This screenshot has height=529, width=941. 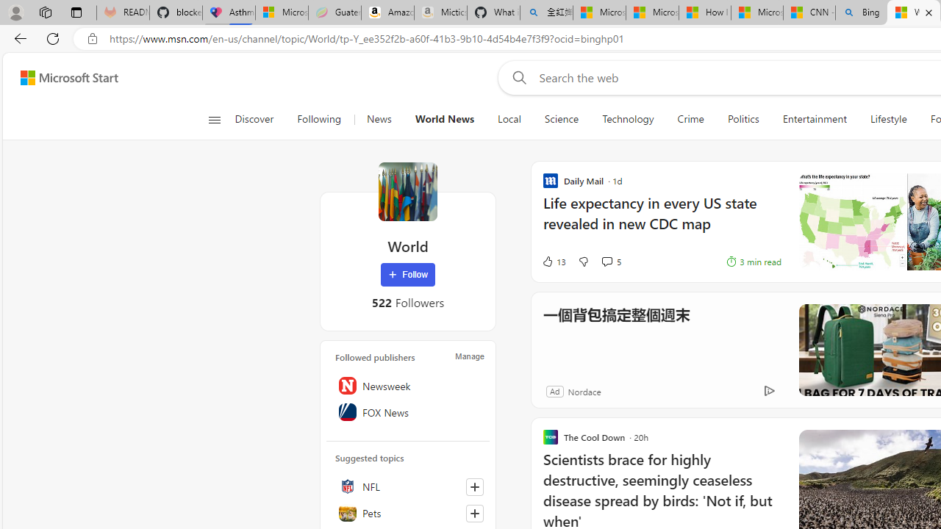 What do you see at coordinates (561, 119) in the screenshot?
I see `'Science'` at bounding box center [561, 119].